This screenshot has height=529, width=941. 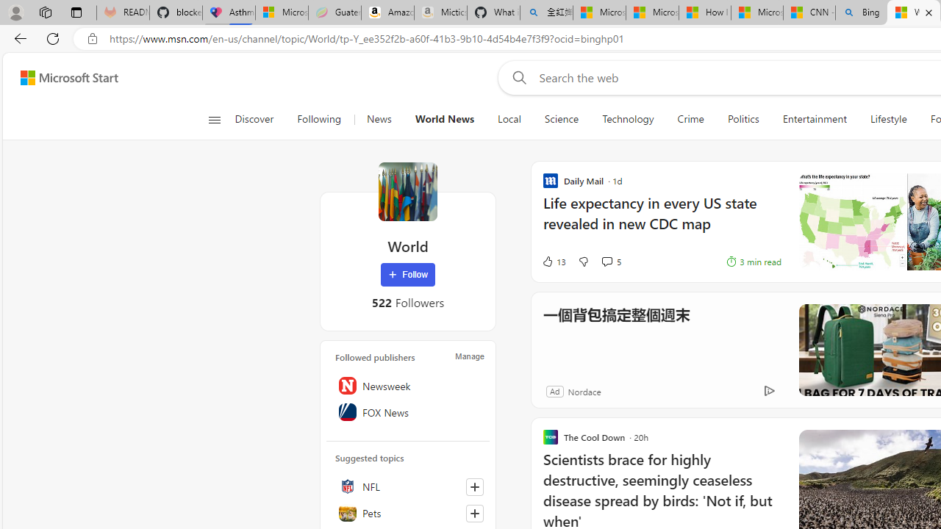 What do you see at coordinates (561, 119) in the screenshot?
I see `'Science'` at bounding box center [561, 119].